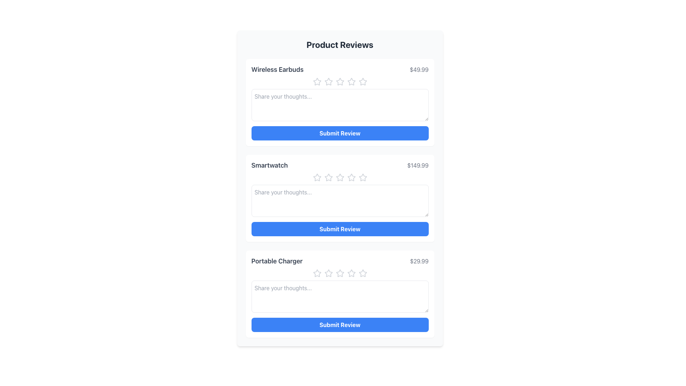 The image size is (686, 386). I want to click on the static text label displaying the price '$49.99', which is positioned to the right of the 'Wireless Earbuds' label in the topmost entry of the 'Product Reviews' section, so click(419, 70).